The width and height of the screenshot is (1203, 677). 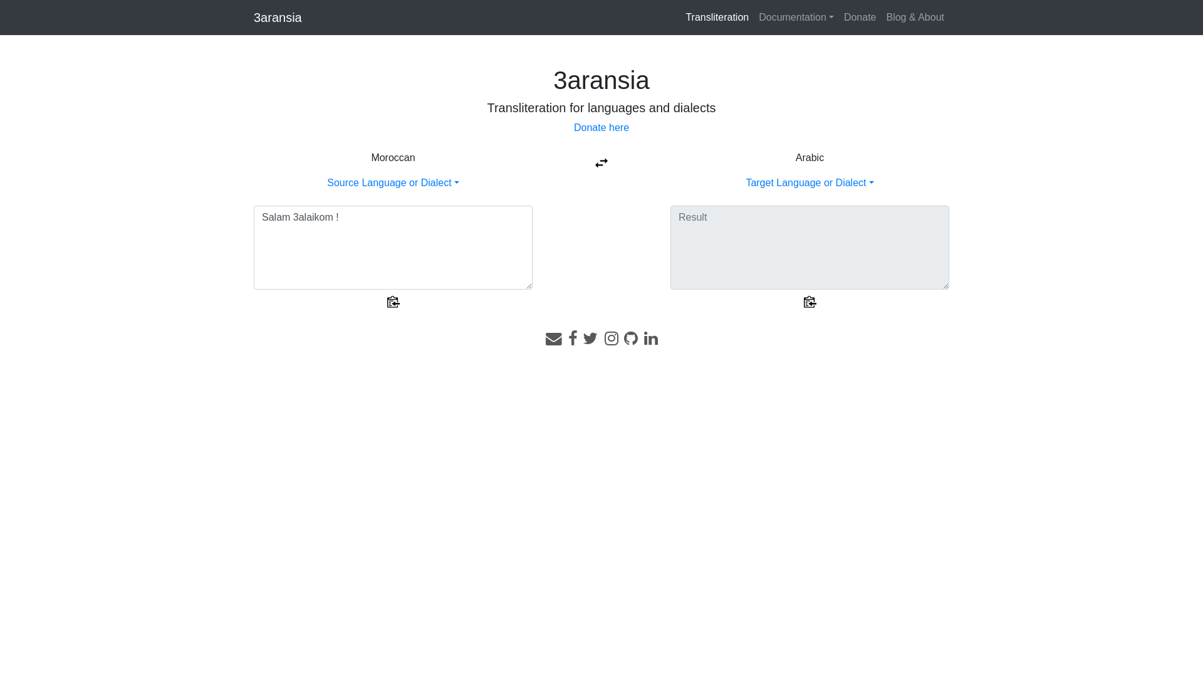 I want to click on 'Documentation', so click(x=796, y=17).